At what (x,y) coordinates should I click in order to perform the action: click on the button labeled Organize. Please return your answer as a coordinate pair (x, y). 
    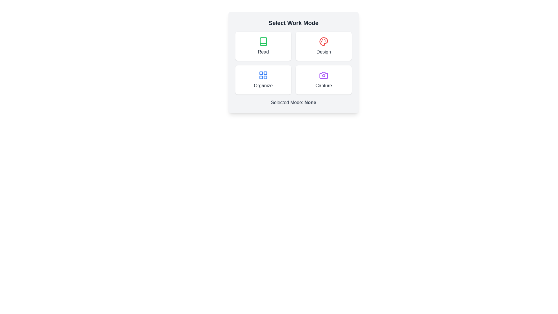
    Looking at the image, I should click on (263, 80).